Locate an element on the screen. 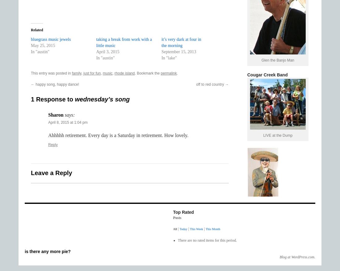  '1 Response to' is located at coordinates (53, 99).